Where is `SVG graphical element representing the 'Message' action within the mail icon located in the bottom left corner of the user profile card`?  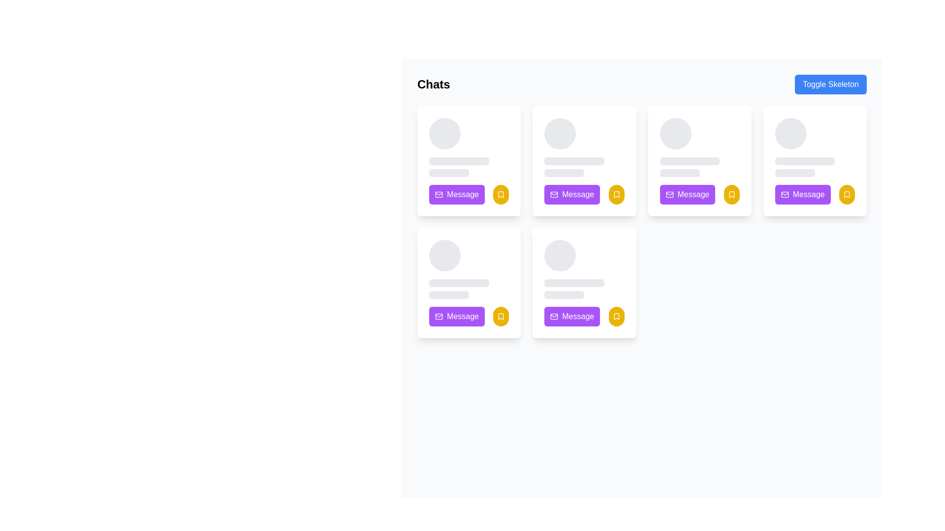
SVG graphical element representing the 'Message' action within the mail icon located in the bottom left corner of the user profile card is located at coordinates (554, 317).